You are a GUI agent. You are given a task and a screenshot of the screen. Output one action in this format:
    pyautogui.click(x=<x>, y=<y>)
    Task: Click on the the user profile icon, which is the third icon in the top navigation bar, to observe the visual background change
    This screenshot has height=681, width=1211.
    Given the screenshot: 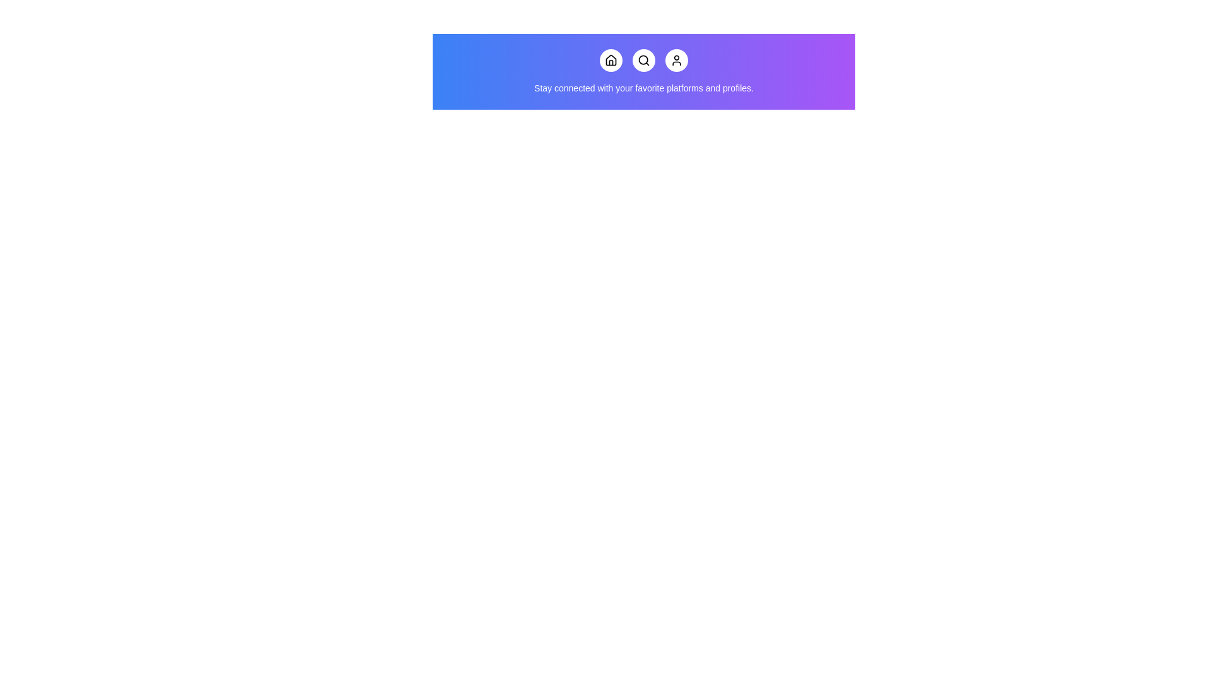 What is the action you would take?
    pyautogui.click(x=676, y=61)
    